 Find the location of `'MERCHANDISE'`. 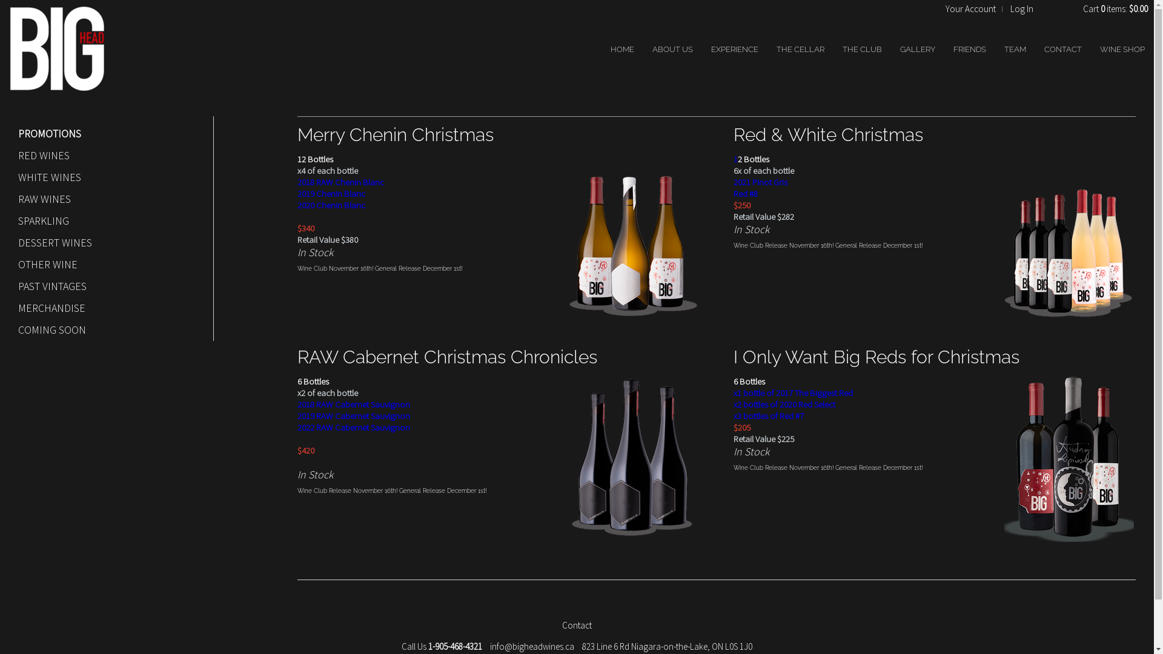

'MERCHANDISE' is located at coordinates (104, 308).